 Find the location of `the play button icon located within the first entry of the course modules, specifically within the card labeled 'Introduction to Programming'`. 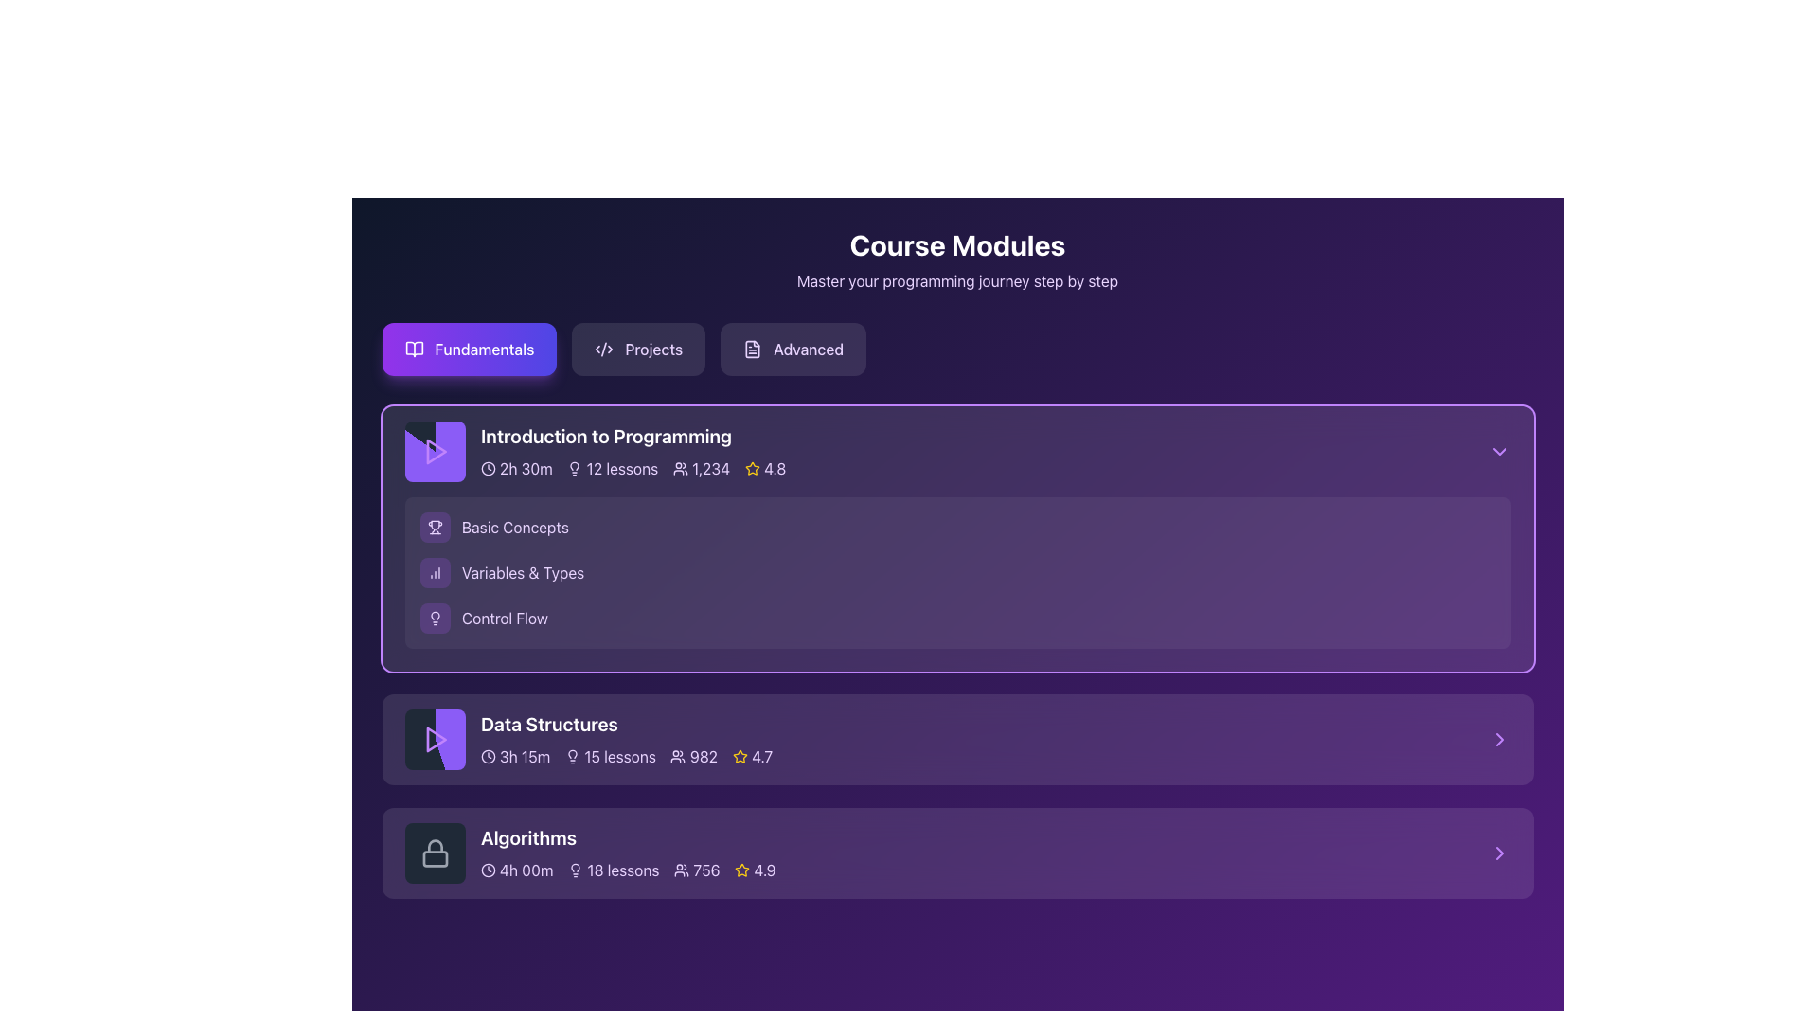

the play button icon located within the first entry of the course modules, specifically within the card labeled 'Introduction to Programming' is located at coordinates (434, 452).